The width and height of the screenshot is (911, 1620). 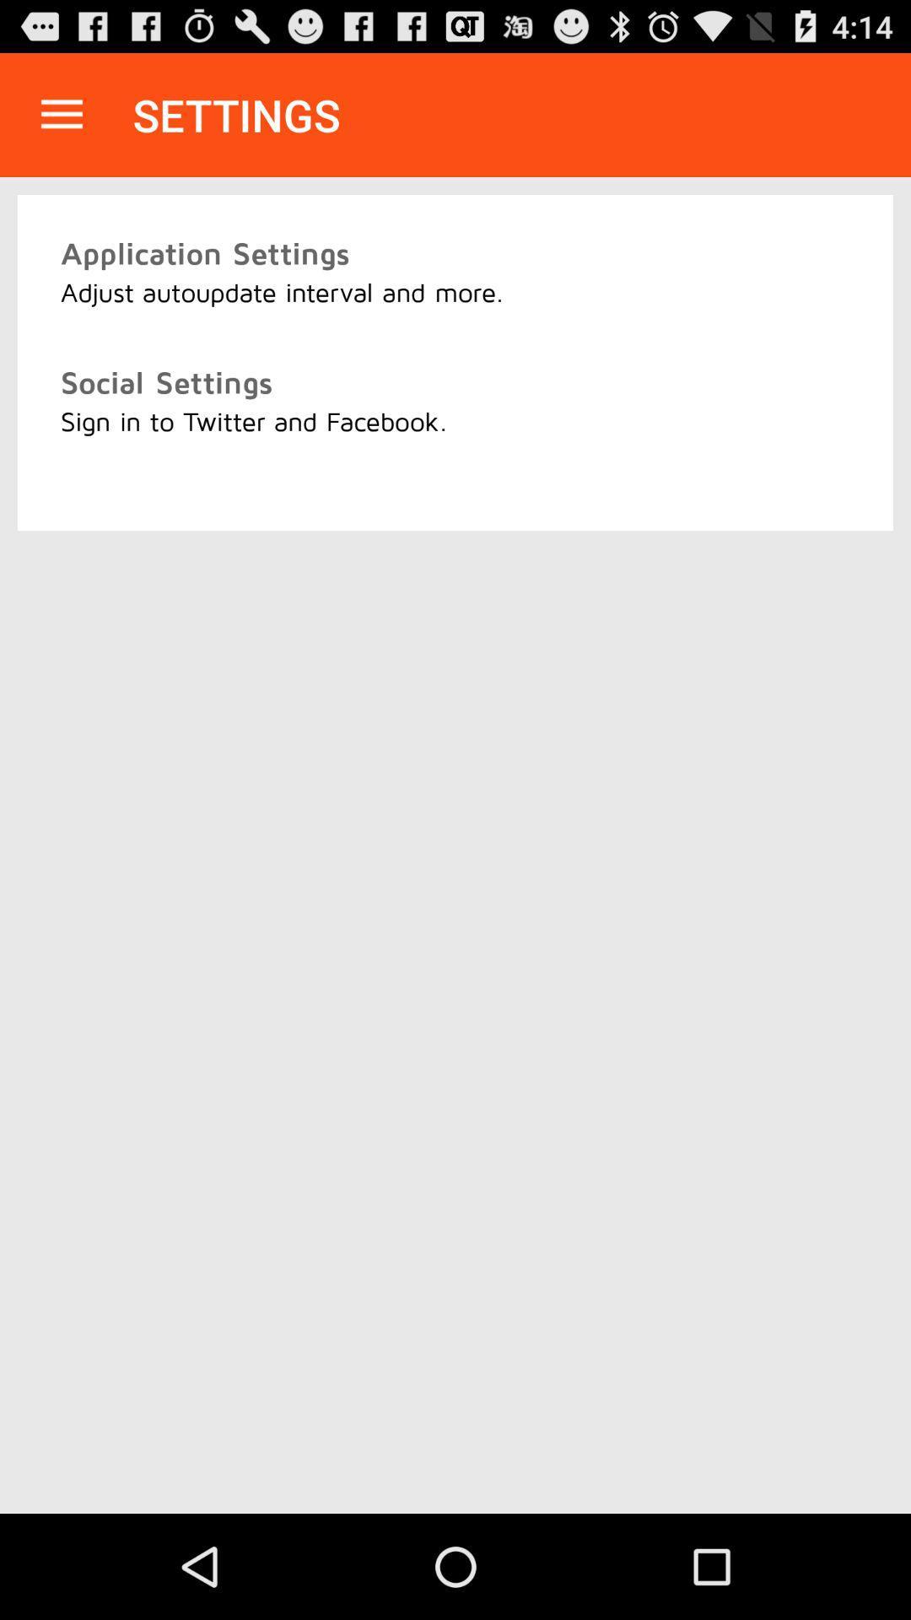 What do you see at coordinates (61, 114) in the screenshot?
I see `the item next to settings` at bounding box center [61, 114].